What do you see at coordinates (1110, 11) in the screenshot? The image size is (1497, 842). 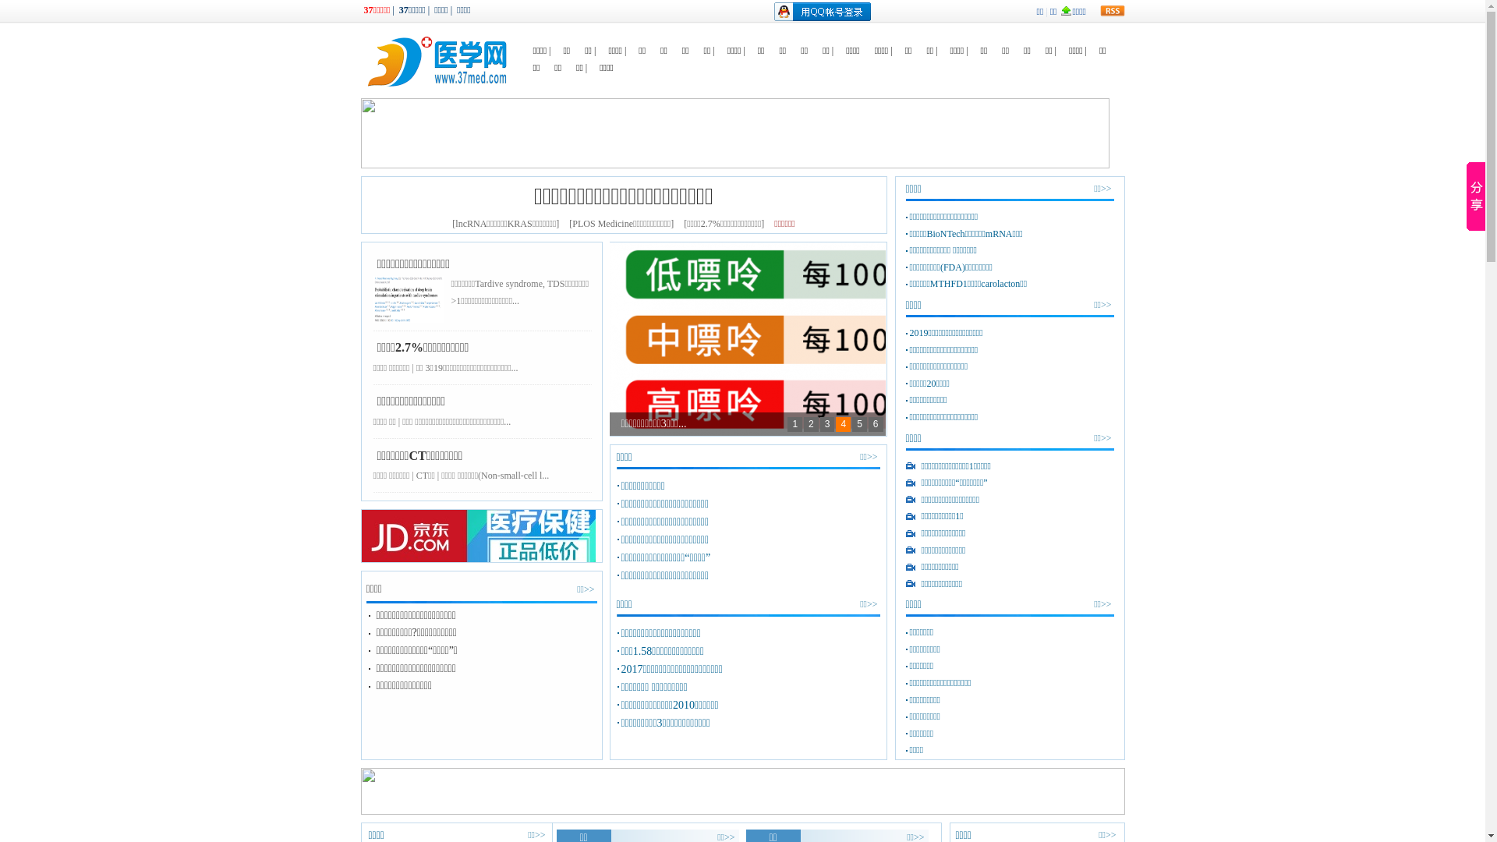 I see `'rss'` at bounding box center [1110, 11].